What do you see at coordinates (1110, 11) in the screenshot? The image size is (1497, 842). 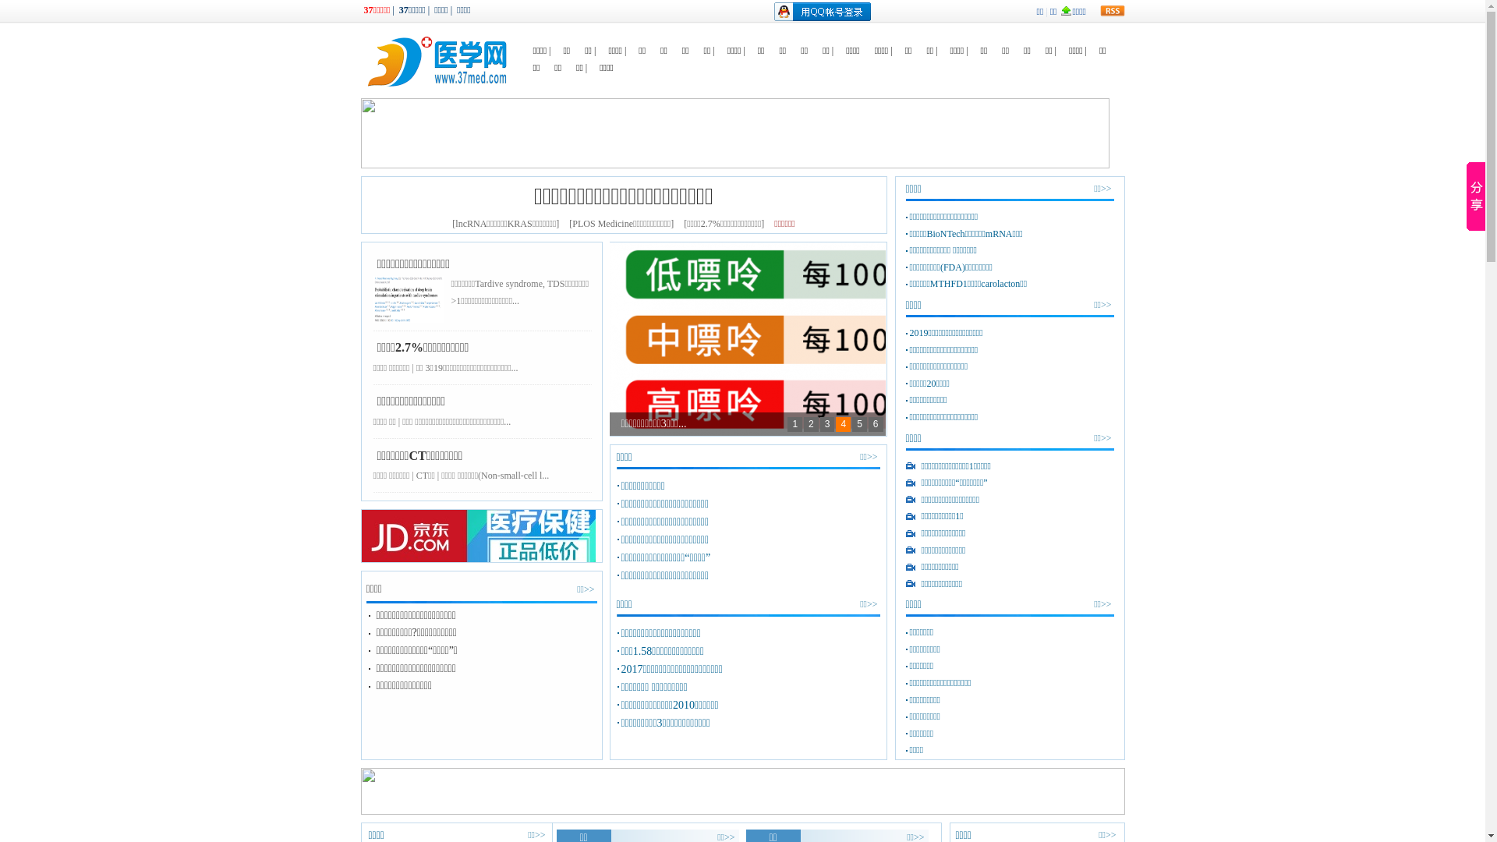 I see `'rss'` at bounding box center [1110, 11].